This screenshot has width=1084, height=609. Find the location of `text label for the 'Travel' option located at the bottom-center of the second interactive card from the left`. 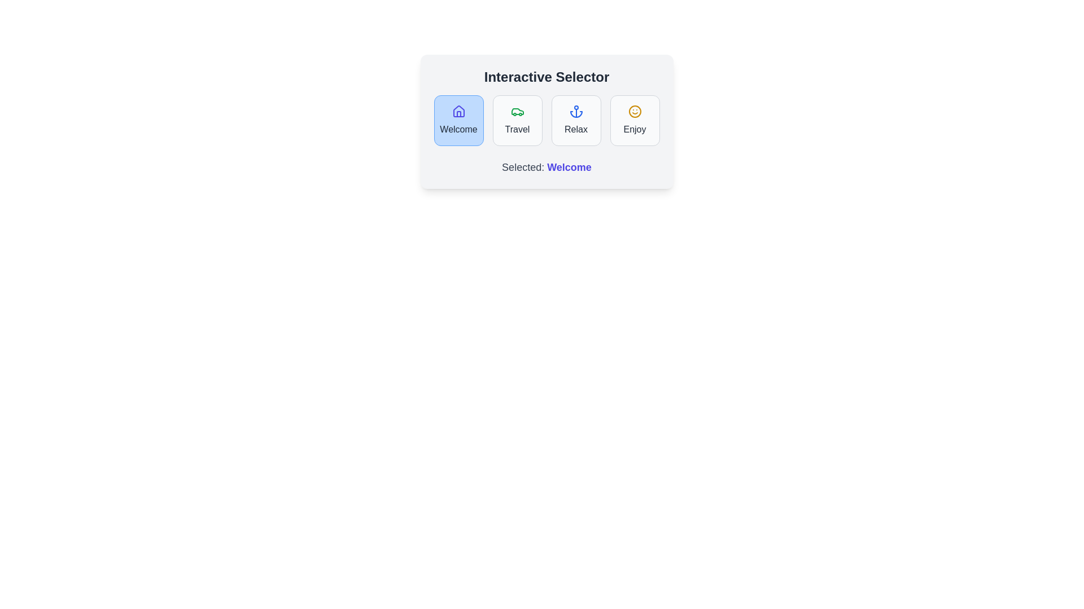

text label for the 'Travel' option located at the bottom-center of the second interactive card from the left is located at coordinates (517, 129).